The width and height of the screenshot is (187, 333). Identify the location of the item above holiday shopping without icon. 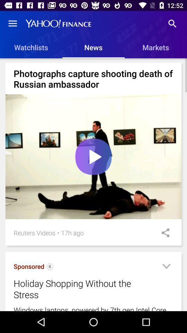
(72, 233).